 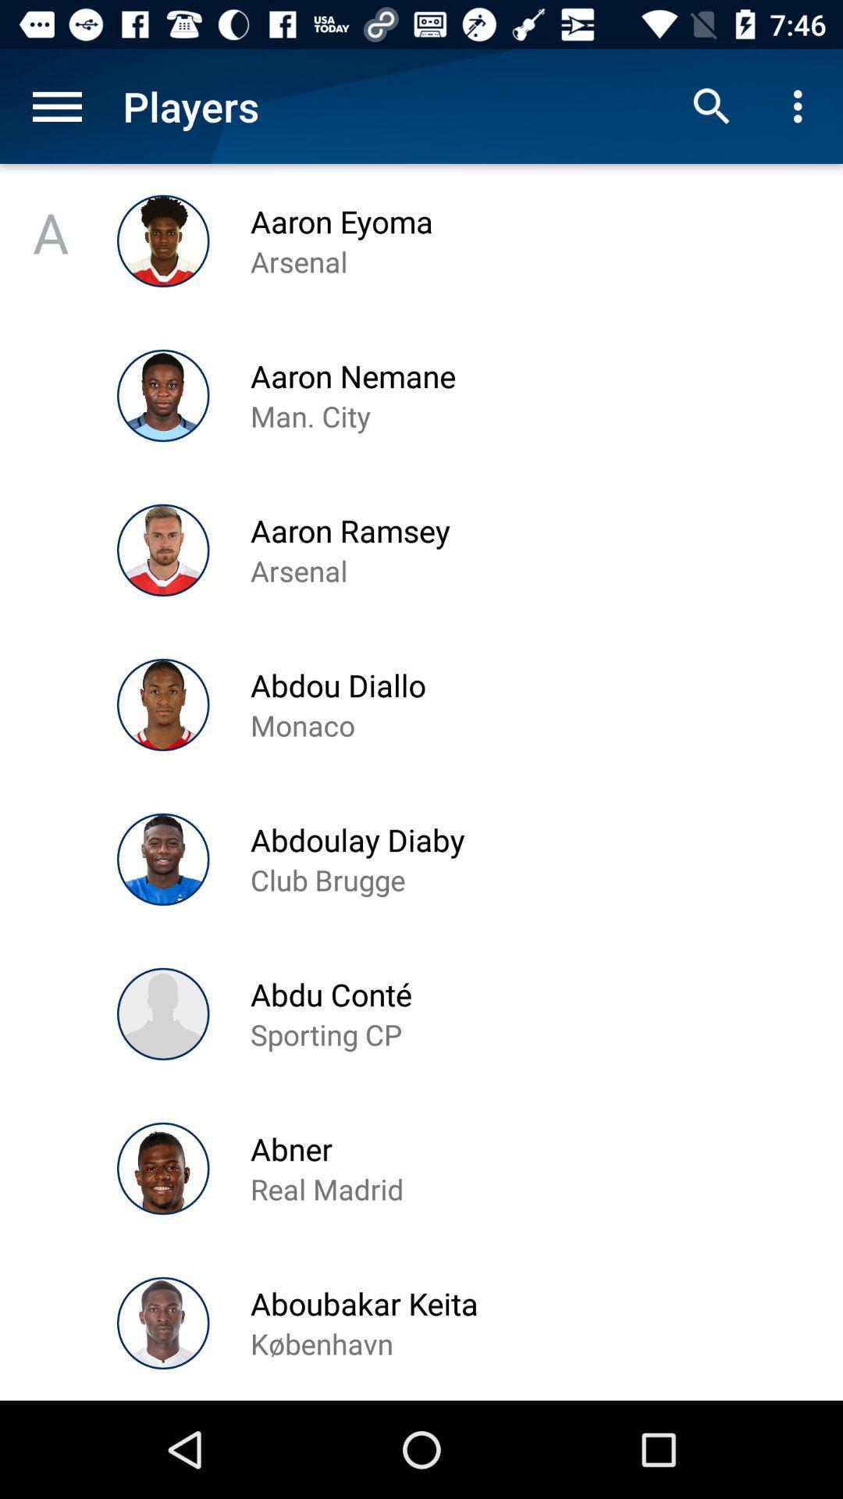 I want to click on the image left to the aaron nemane, so click(x=163, y=396).